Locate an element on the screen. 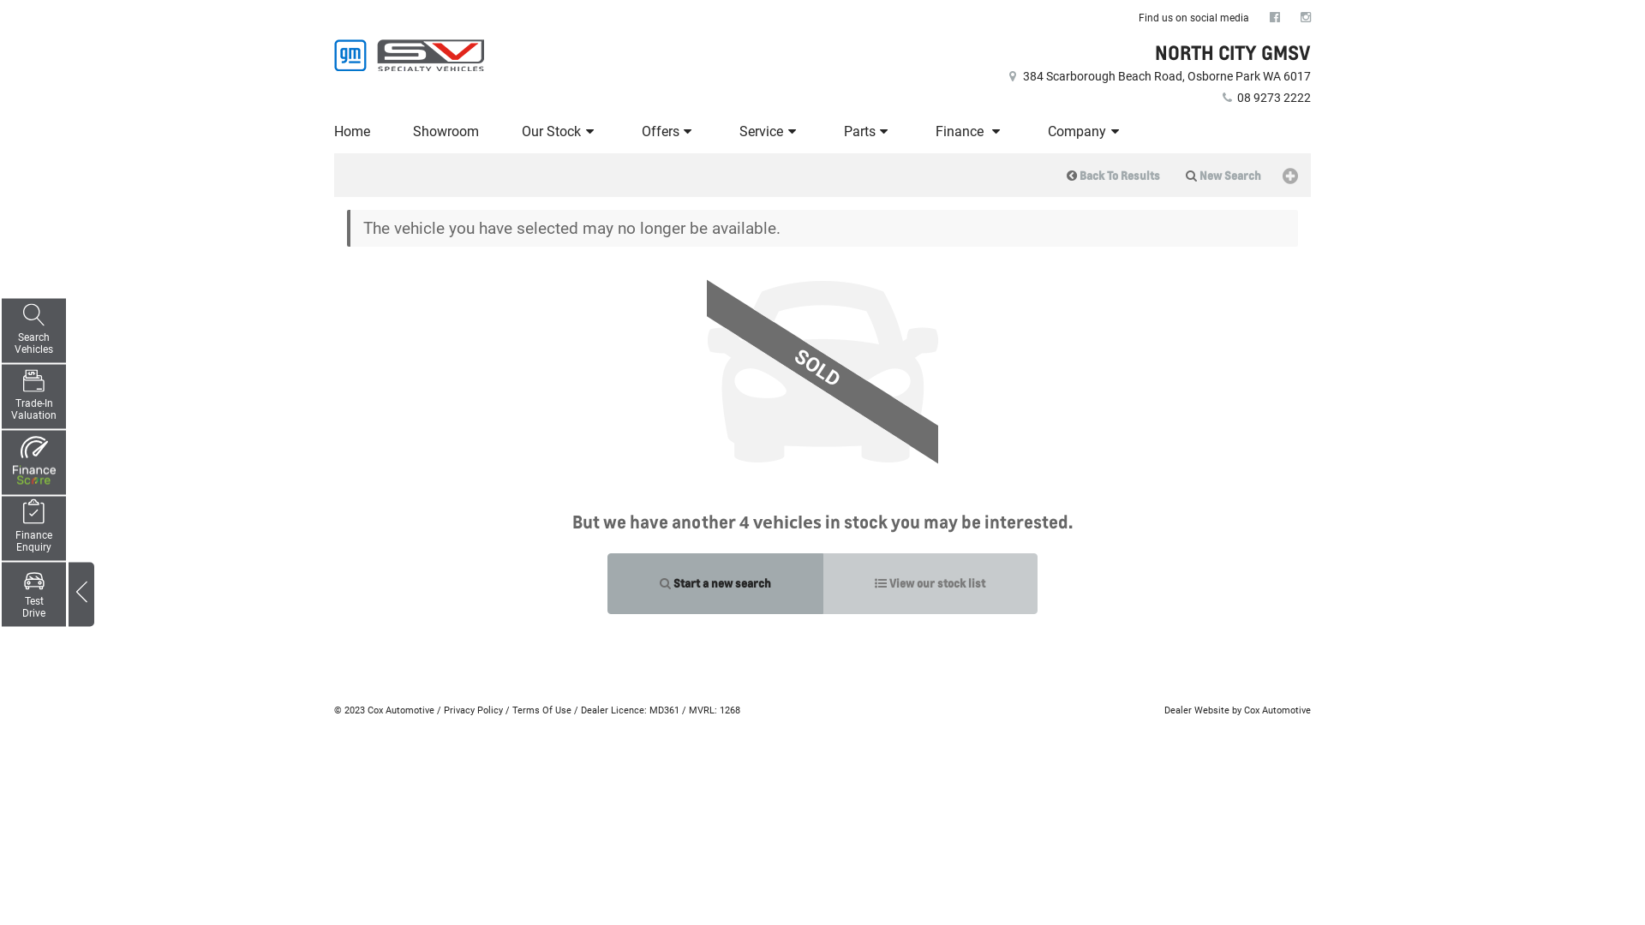 This screenshot has height=925, width=1645. 'Showroom' is located at coordinates (446, 131).